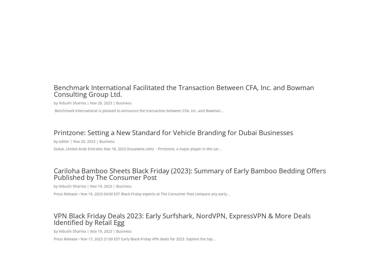  I want to click on 'Press Release • Nov 17, 2023 21:00 EST Early Black Friday VPN deals for 2023. Explore the top...', so click(135, 238).